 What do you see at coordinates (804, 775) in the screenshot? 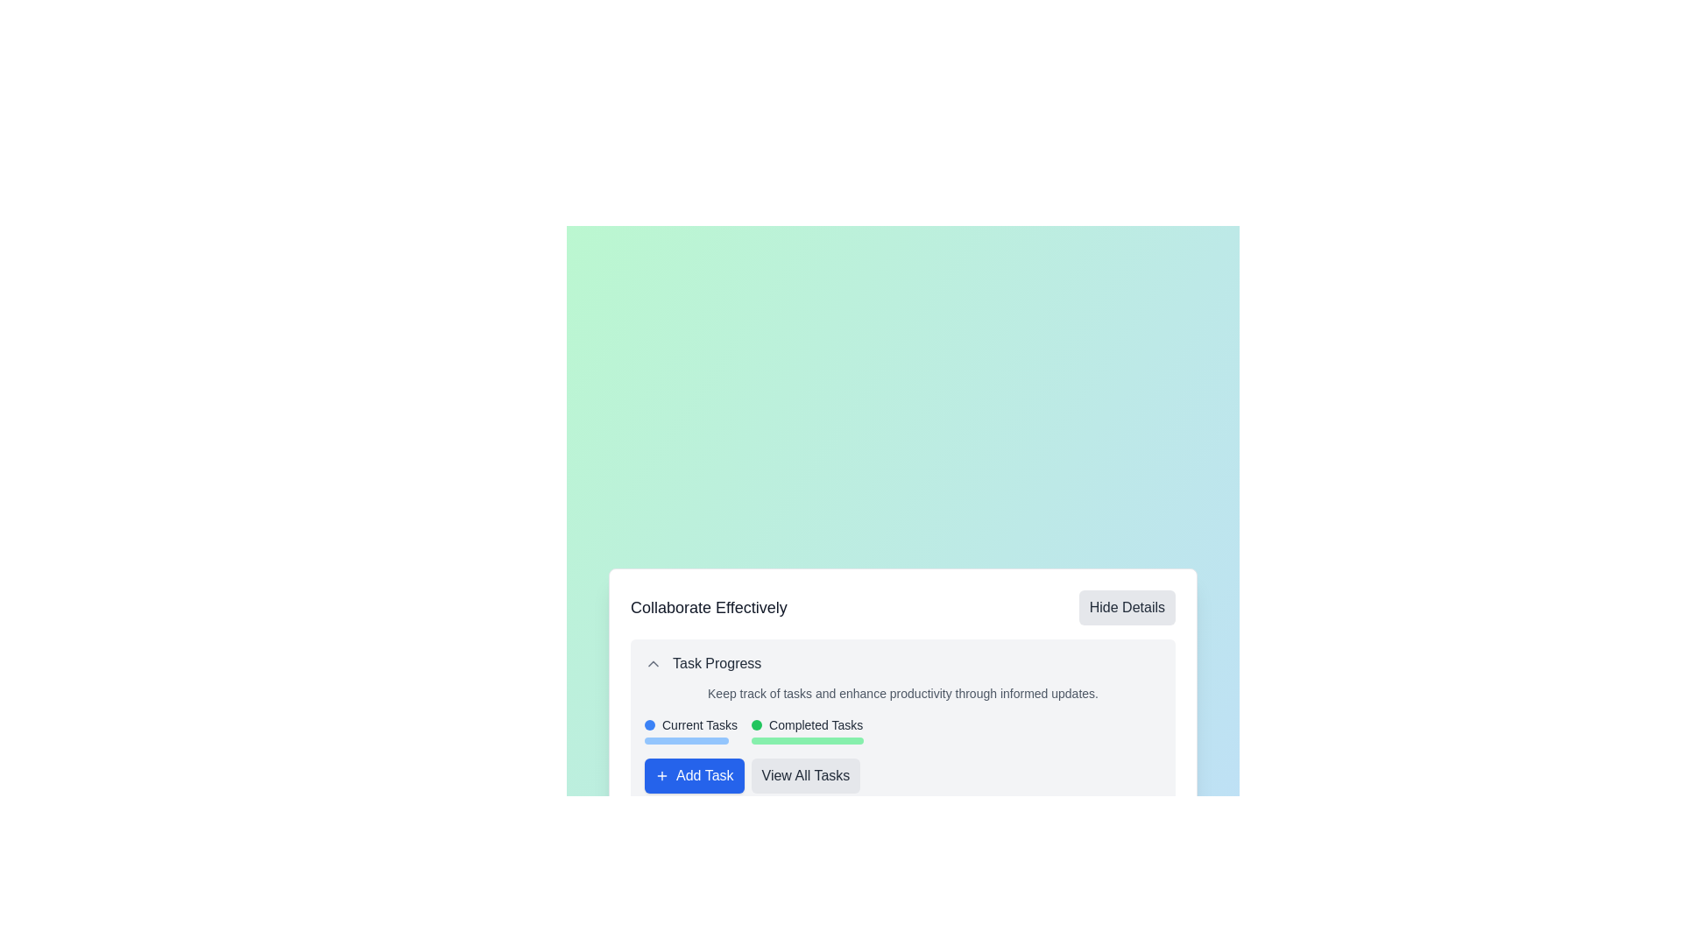
I see `the rectangular button labeled 'View All Tasks' to observe its hover effect, which changes the background color to a darker gray` at bounding box center [804, 775].